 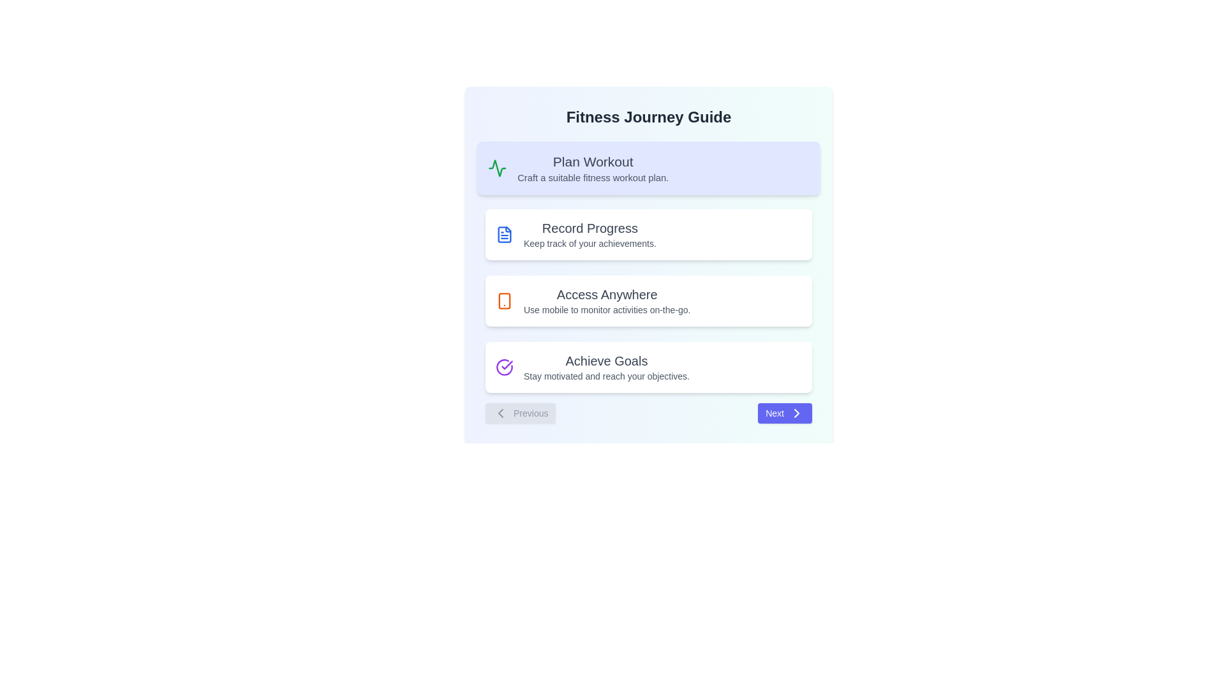 I want to click on the 'Plan Workout' static text element, which is styled as a header and positioned at the top of the rectangular section under the 'Fitness Journey Guide' heading, so click(x=592, y=161).